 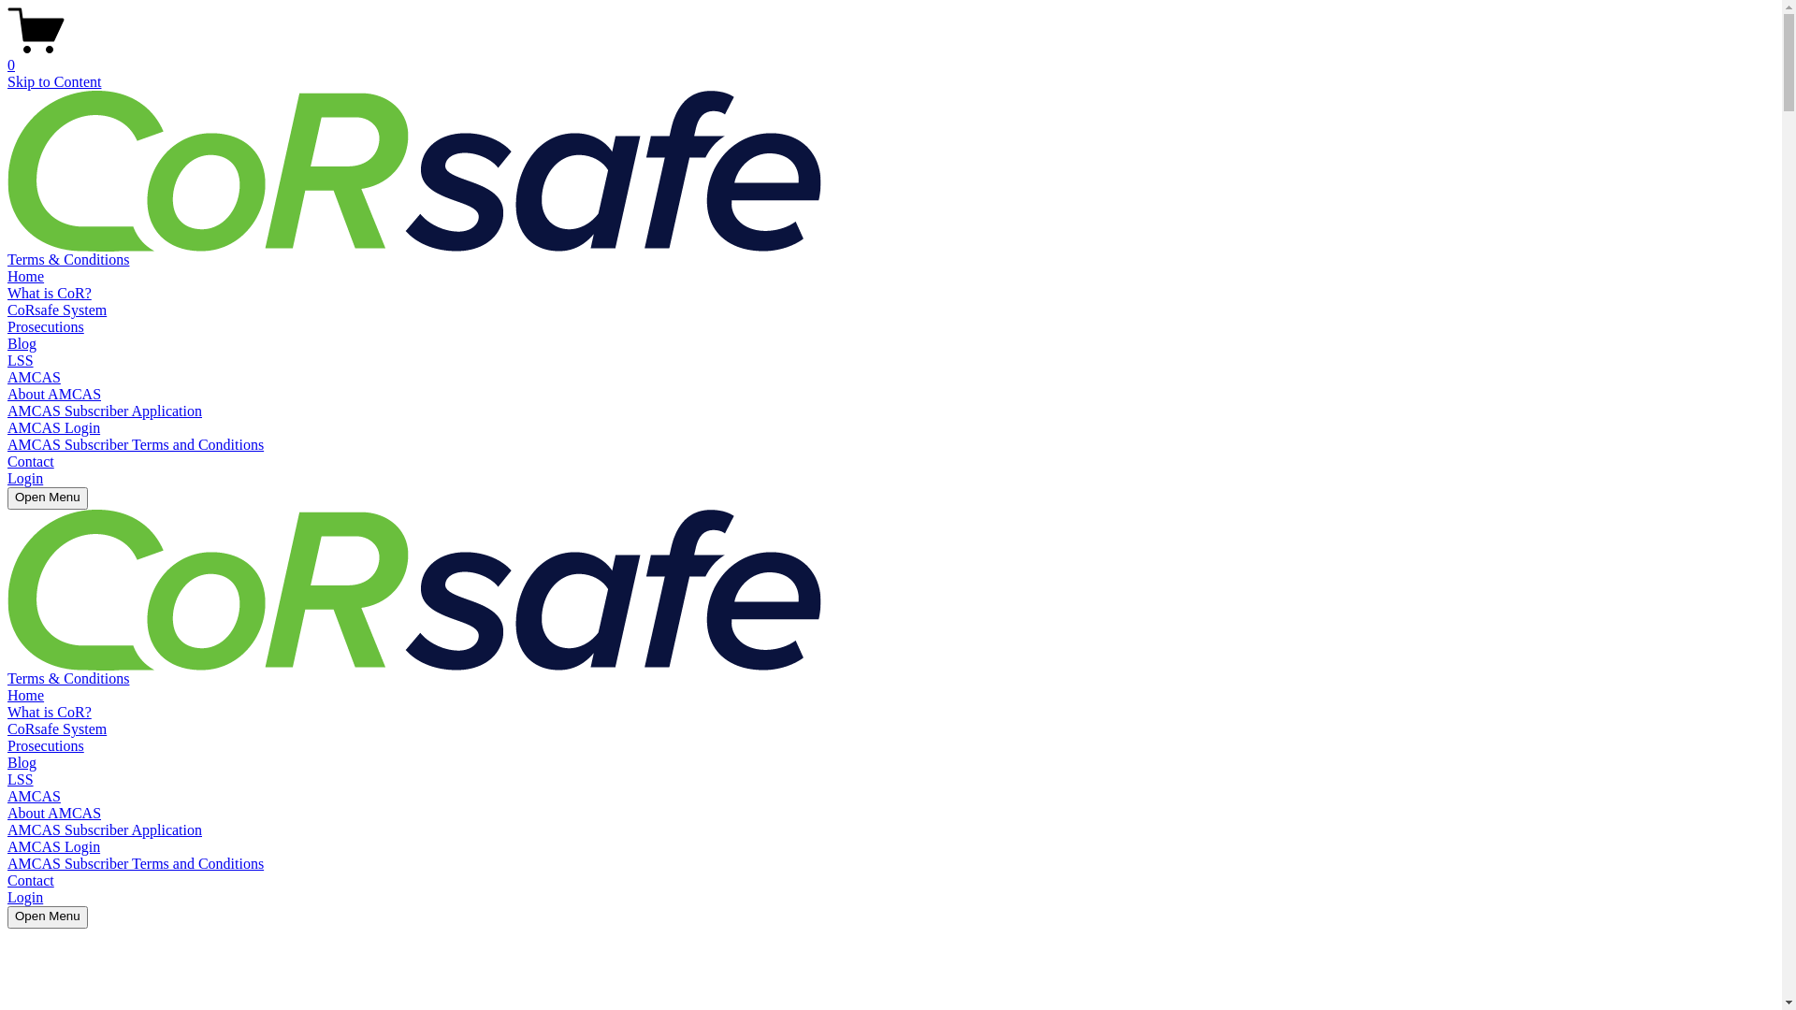 I want to click on 'AMCAS Subscriber Terms and Conditions', so click(x=134, y=444).